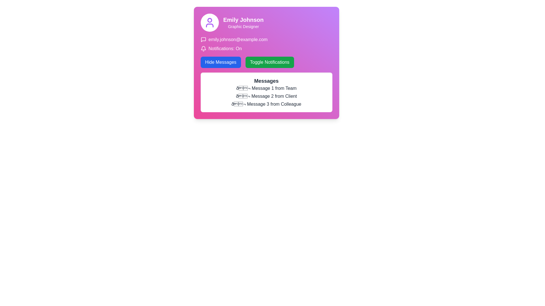 Image resolution: width=545 pixels, height=306 pixels. I want to click on content displayed in the text label that shows 'Graphic Designer', which is located beneath the larger text 'Emily Johnson' on a purple background, so click(243, 26).